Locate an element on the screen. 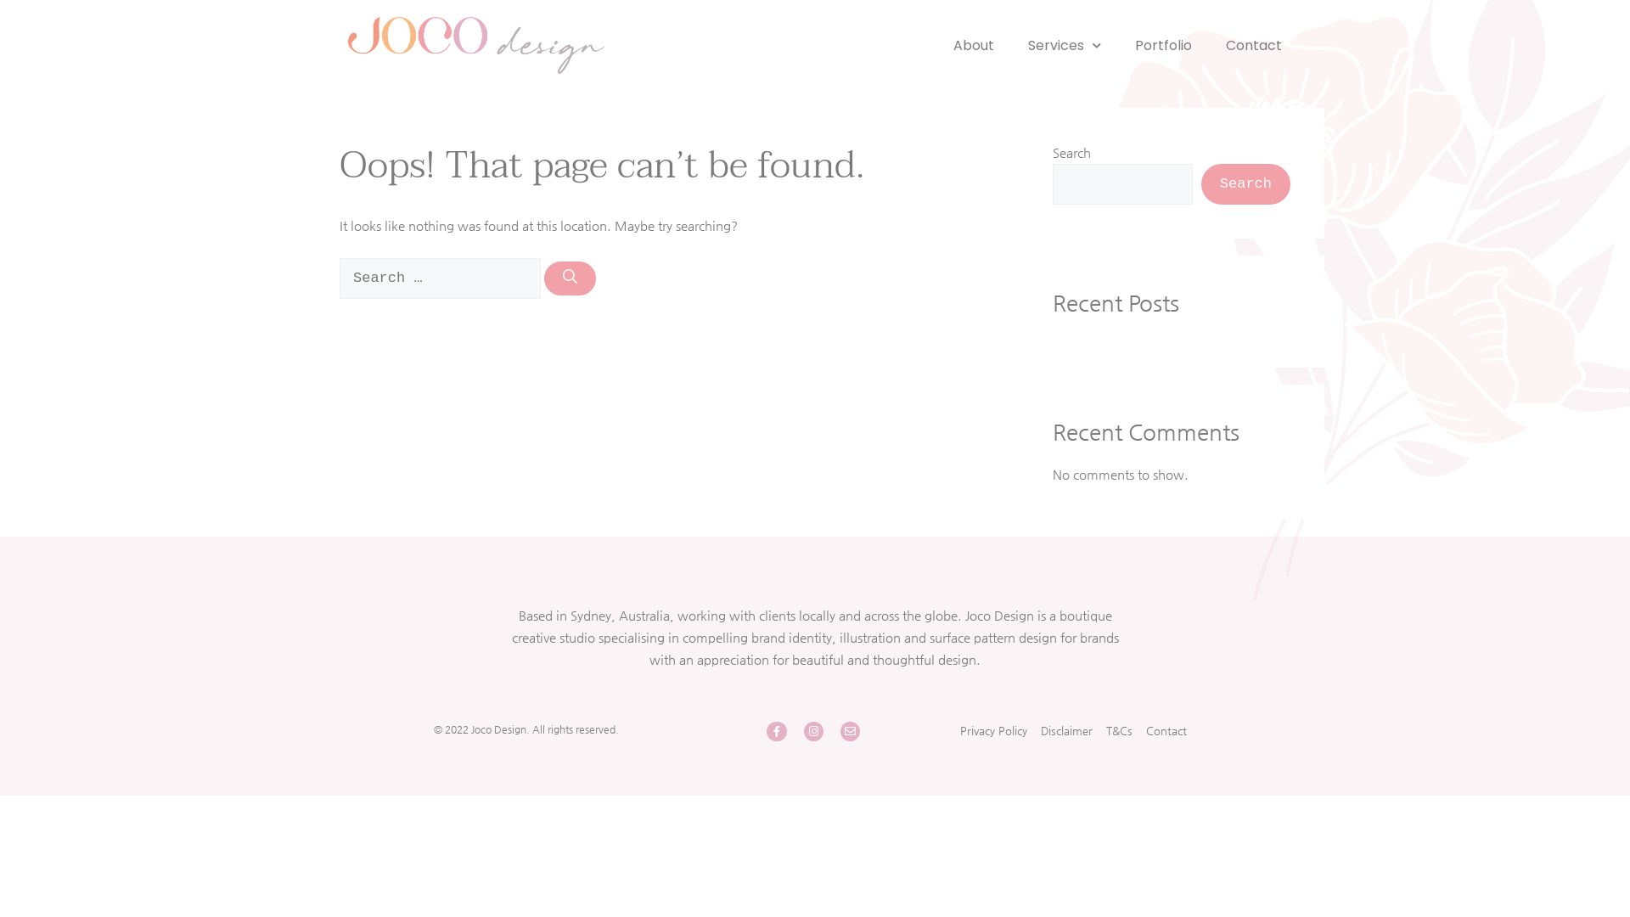  'T&Cs' is located at coordinates (1119, 729).